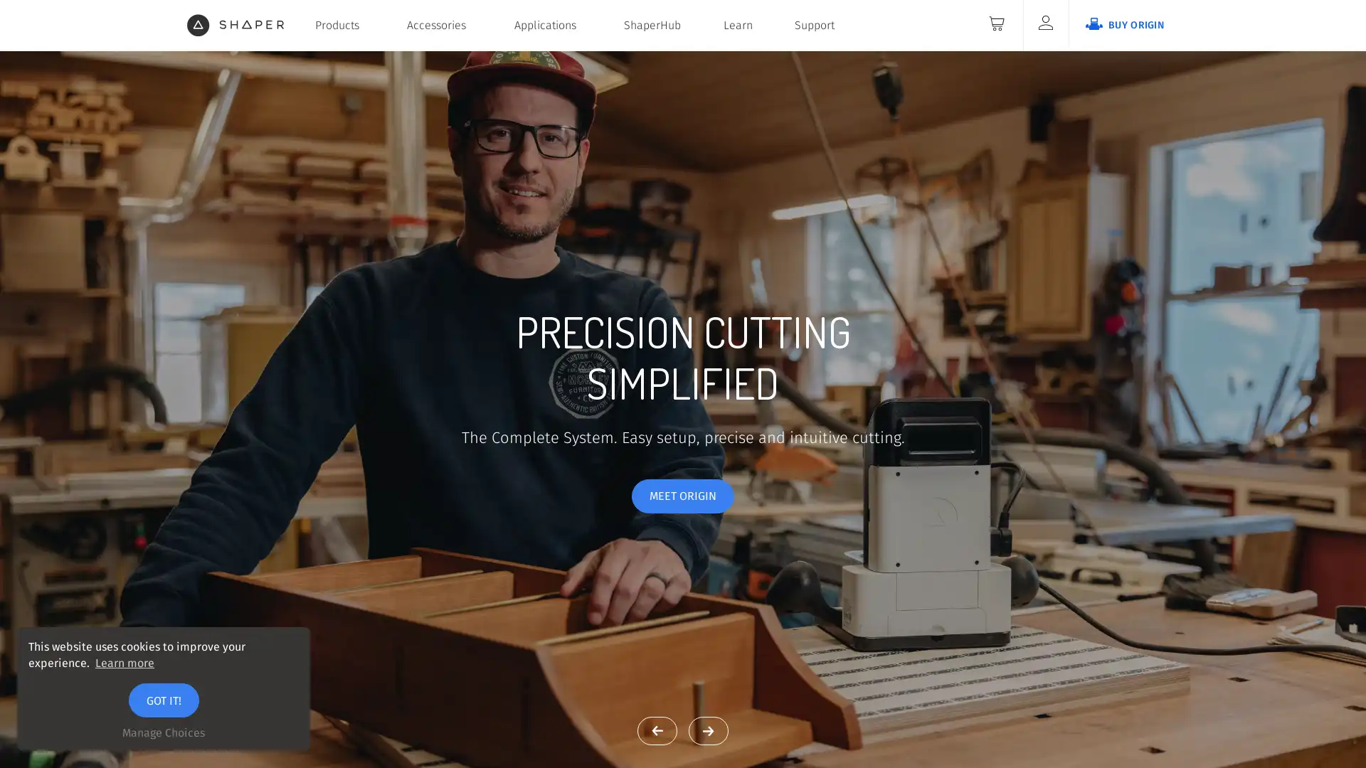 Image resolution: width=1366 pixels, height=768 pixels. What do you see at coordinates (683, 495) in the screenshot?
I see `MEET ORIGIN` at bounding box center [683, 495].